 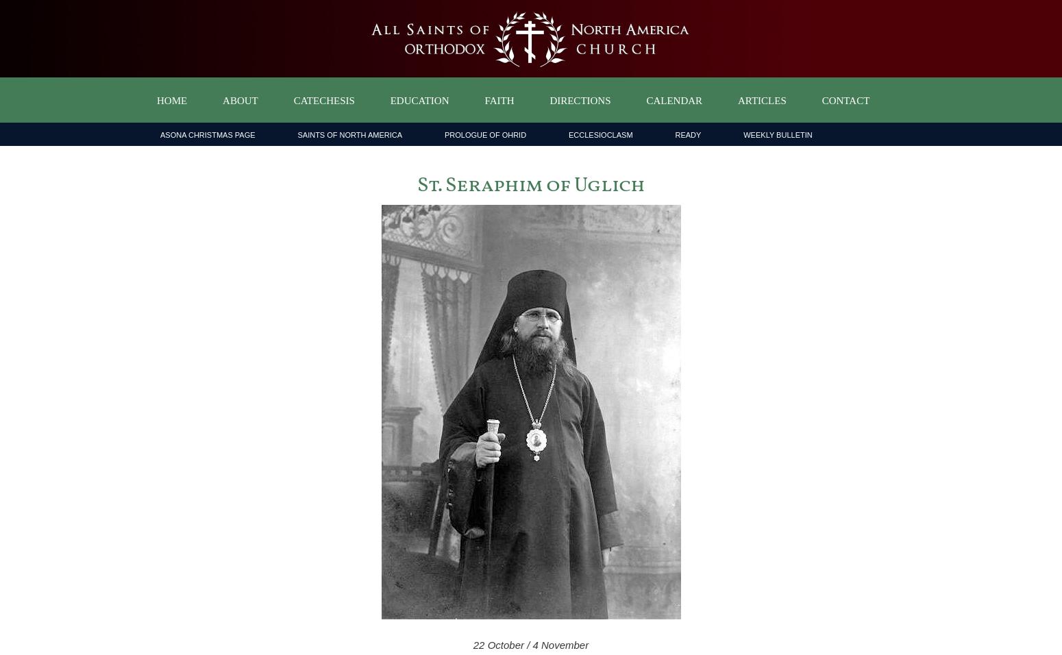 I want to click on 'Weekly Bulletin', so click(x=743, y=135).